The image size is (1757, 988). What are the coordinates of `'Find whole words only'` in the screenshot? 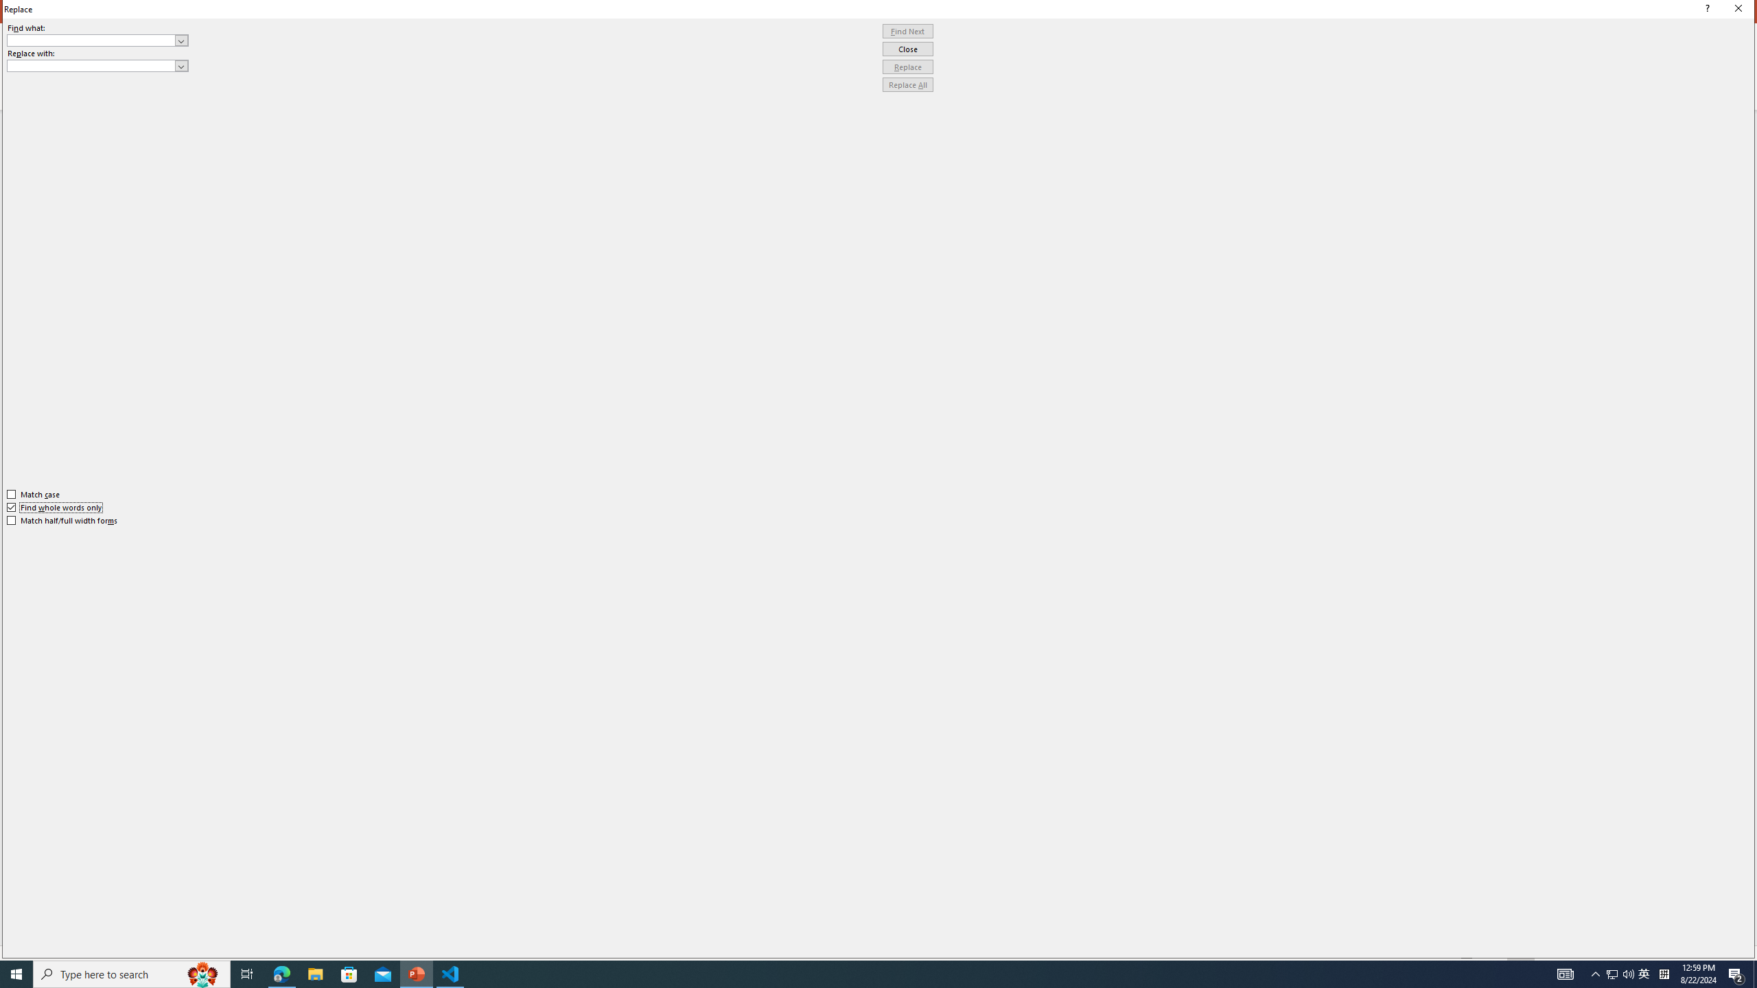 It's located at (55, 507).